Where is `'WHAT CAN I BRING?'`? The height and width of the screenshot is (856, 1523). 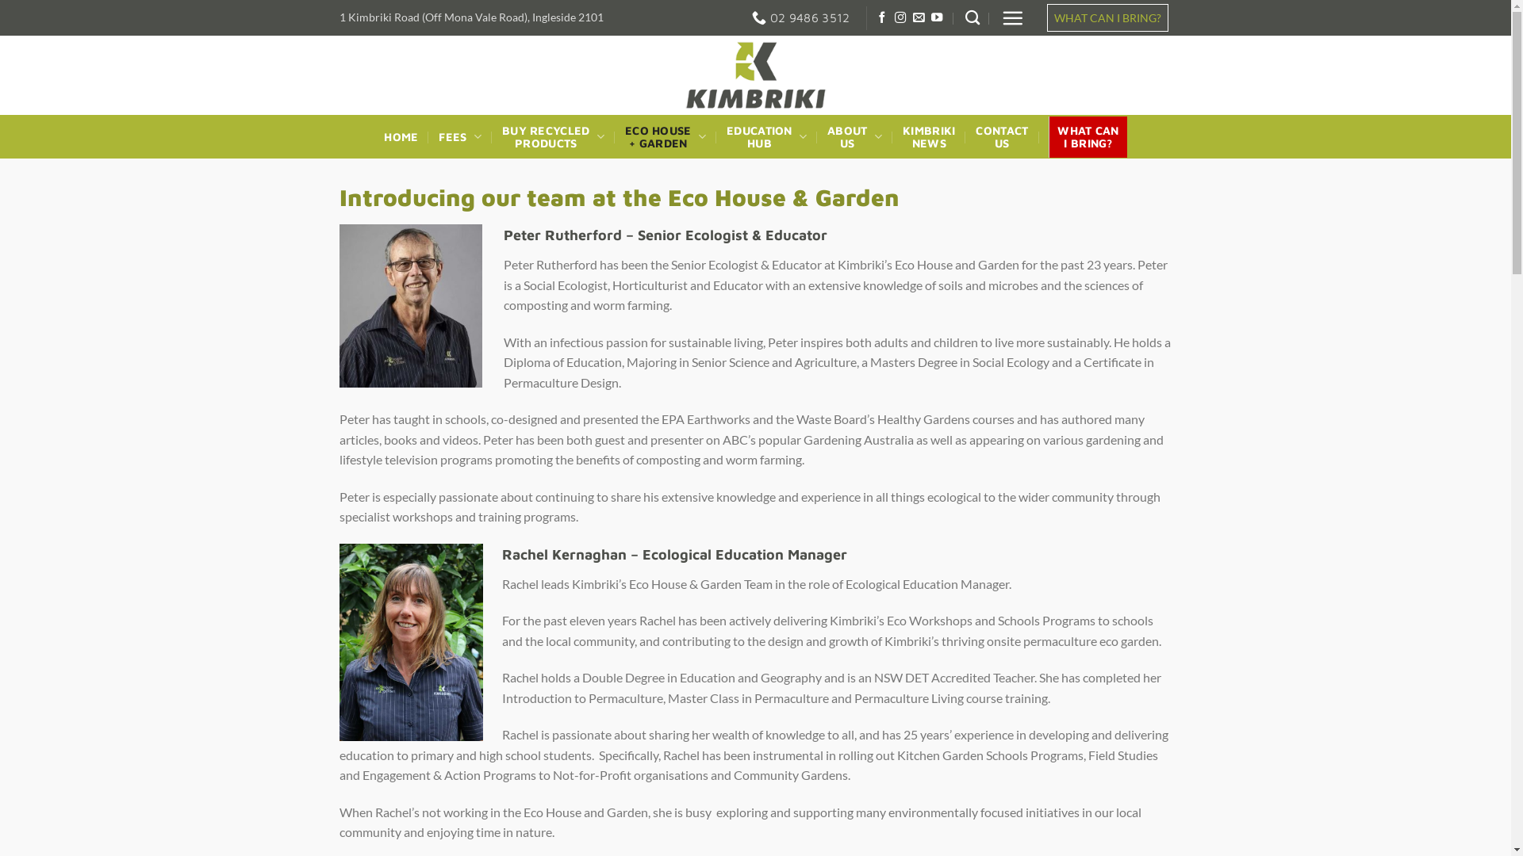 'WHAT CAN I BRING?' is located at coordinates (1106, 17).